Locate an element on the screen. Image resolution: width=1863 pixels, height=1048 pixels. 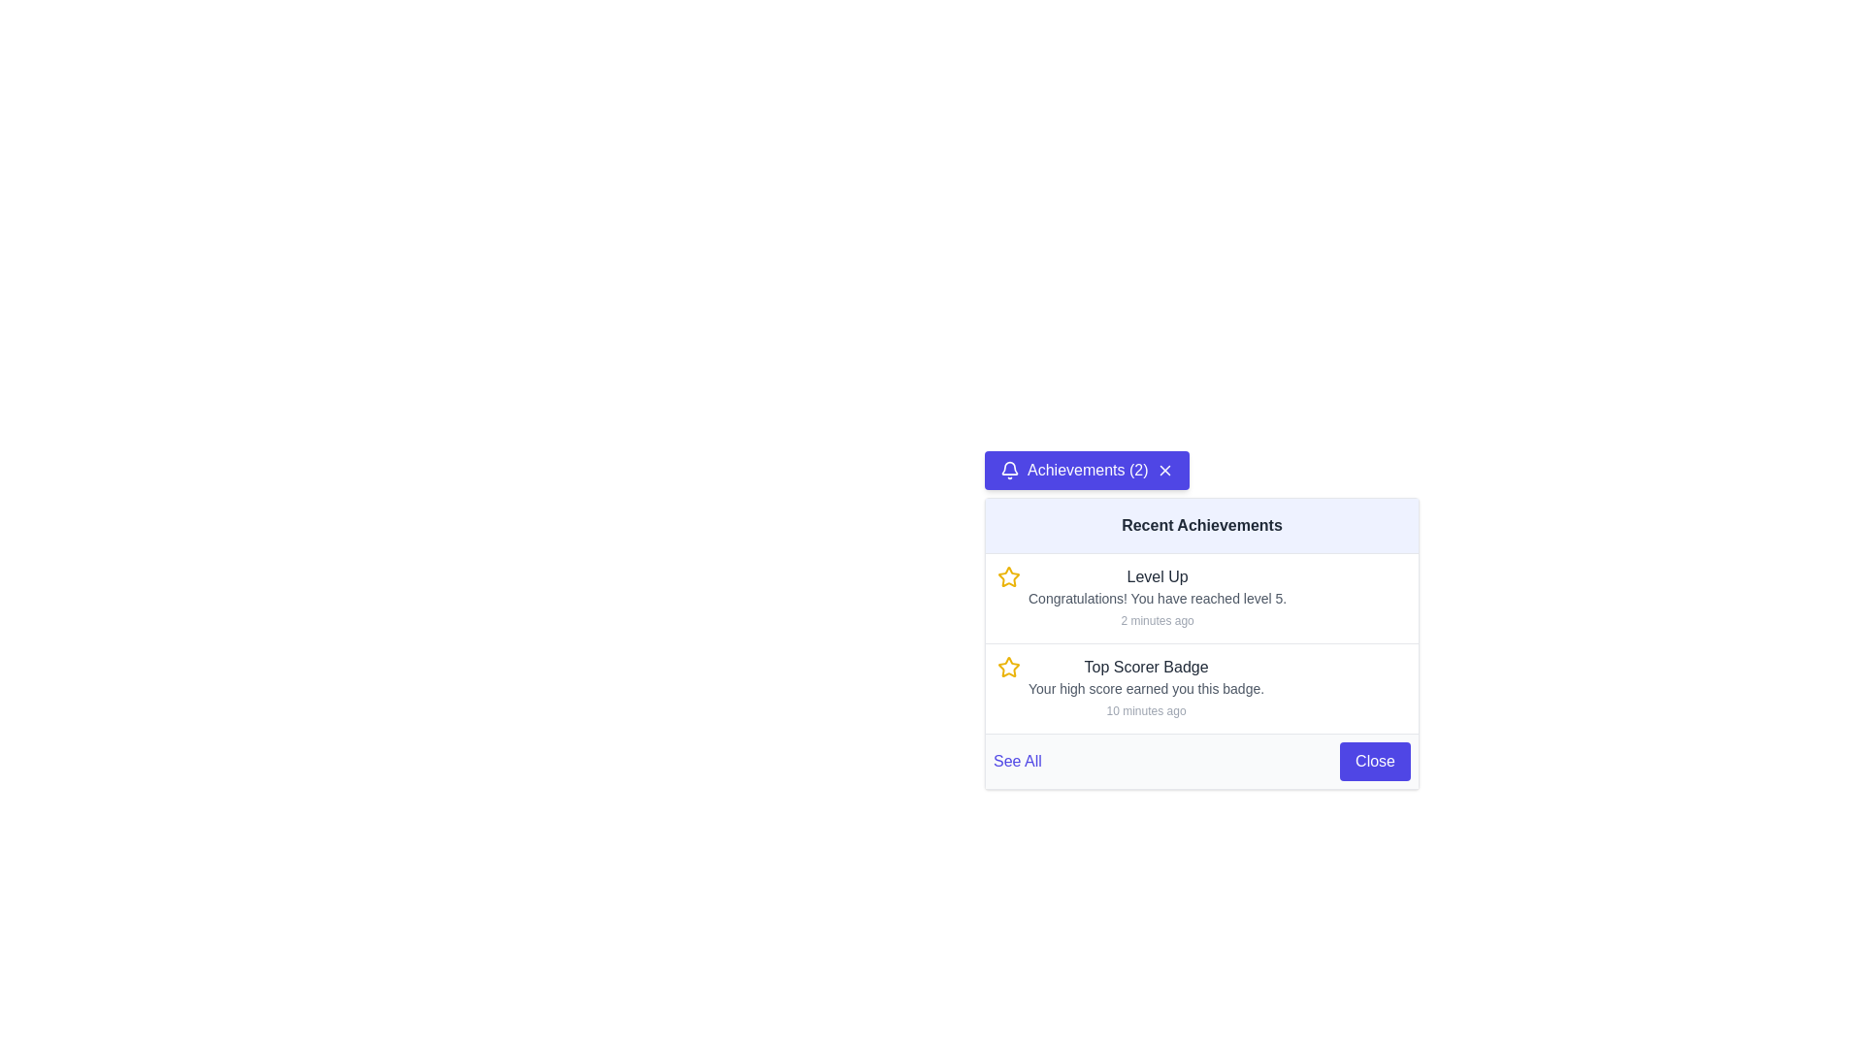
the 'Top Scorer' badge informational card located in the 'Recent Achievements' section of the 'Achievements' panel, which is the second item in the list is located at coordinates (1146, 687).